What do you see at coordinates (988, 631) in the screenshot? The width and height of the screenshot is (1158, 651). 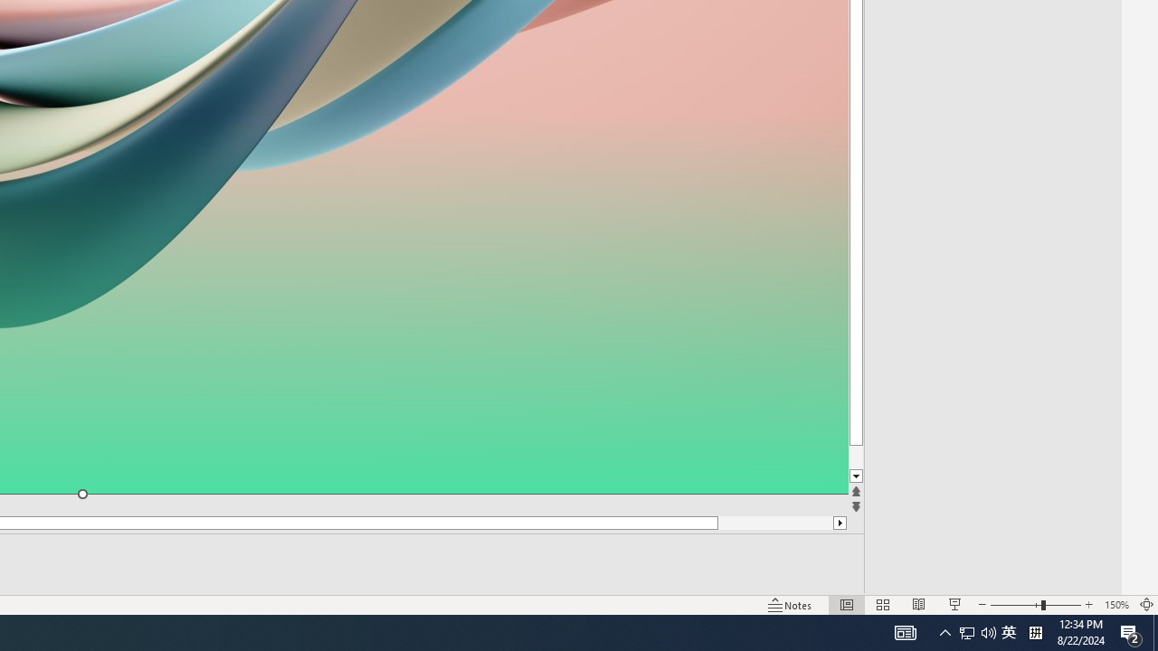 I see `'Q2790: 100%'` at bounding box center [988, 631].